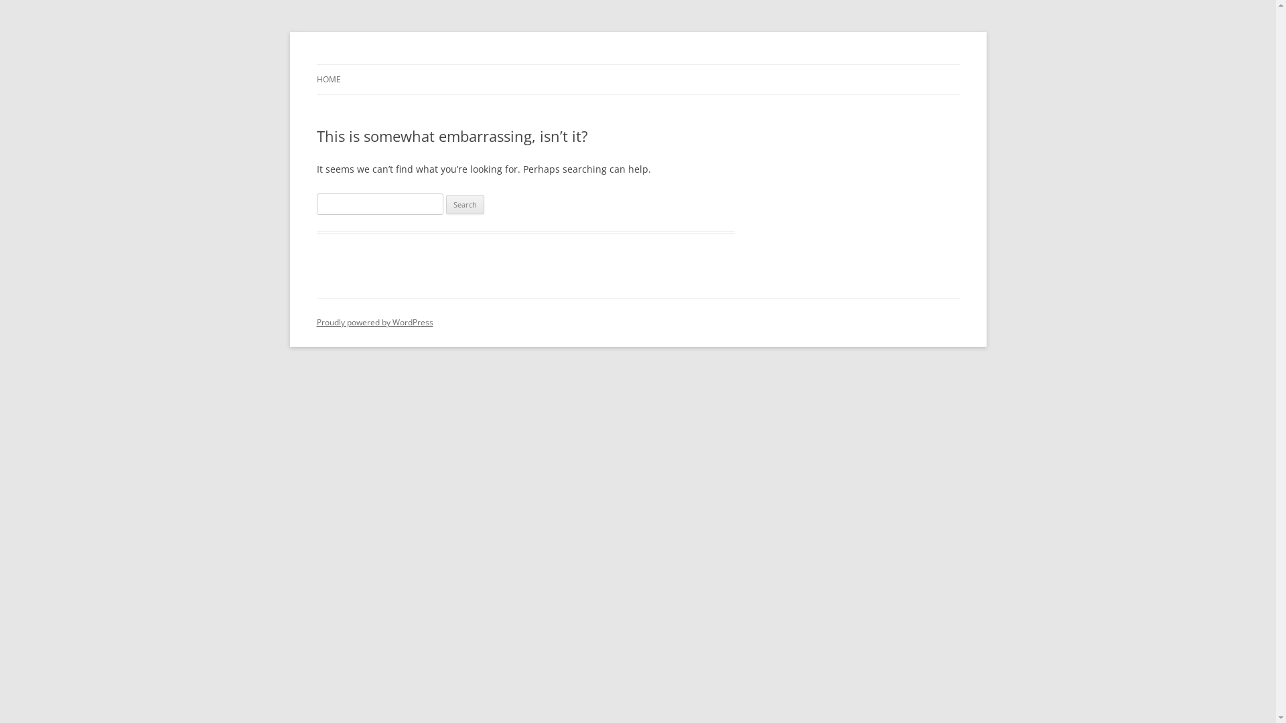 The height and width of the screenshot is (723, 1286). I want to click on 'Proudly powered by WordPress', so click(374, 322).